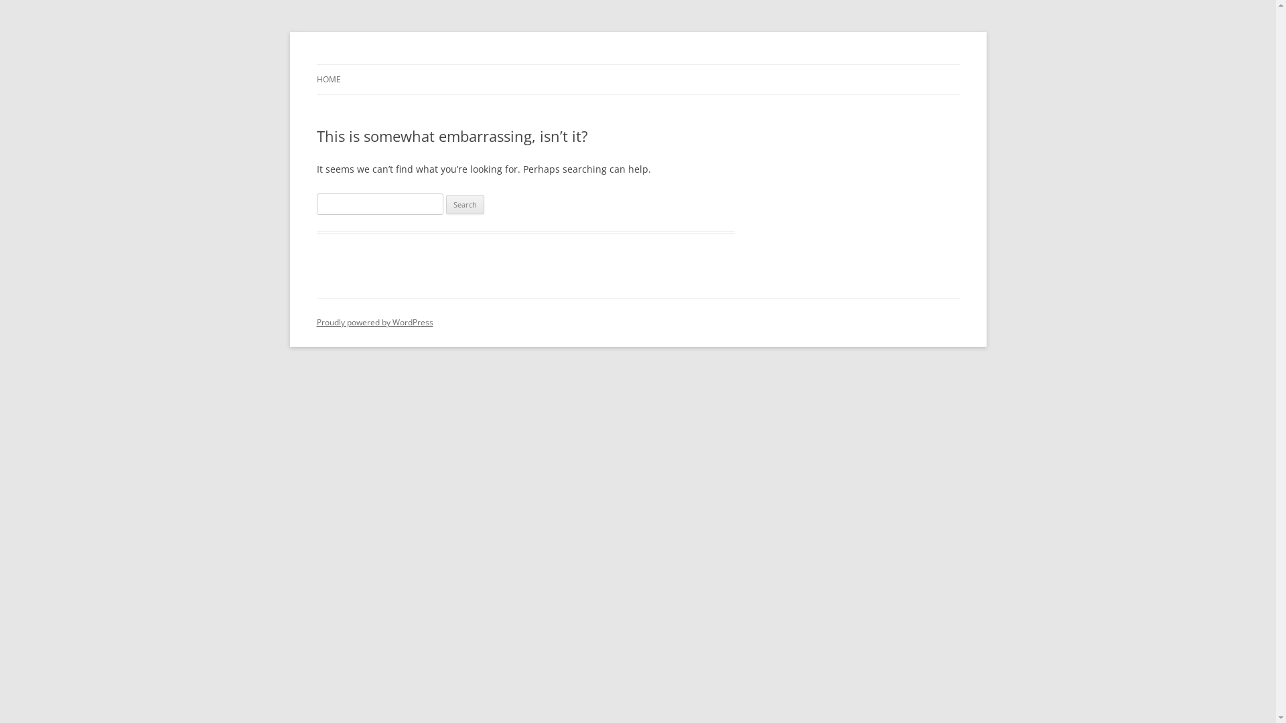 The height and width of the screenshot is (723, 1286). I want to click on 'Proudly powered by WordPress', so click(374, 322).